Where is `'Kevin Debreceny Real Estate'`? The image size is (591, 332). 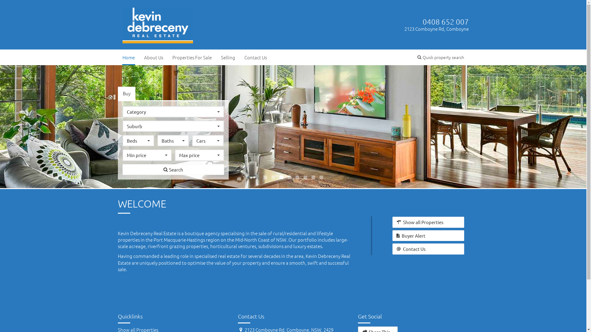
'Kevin Debreceny Real Estate' is located at coordinates (158, 23).